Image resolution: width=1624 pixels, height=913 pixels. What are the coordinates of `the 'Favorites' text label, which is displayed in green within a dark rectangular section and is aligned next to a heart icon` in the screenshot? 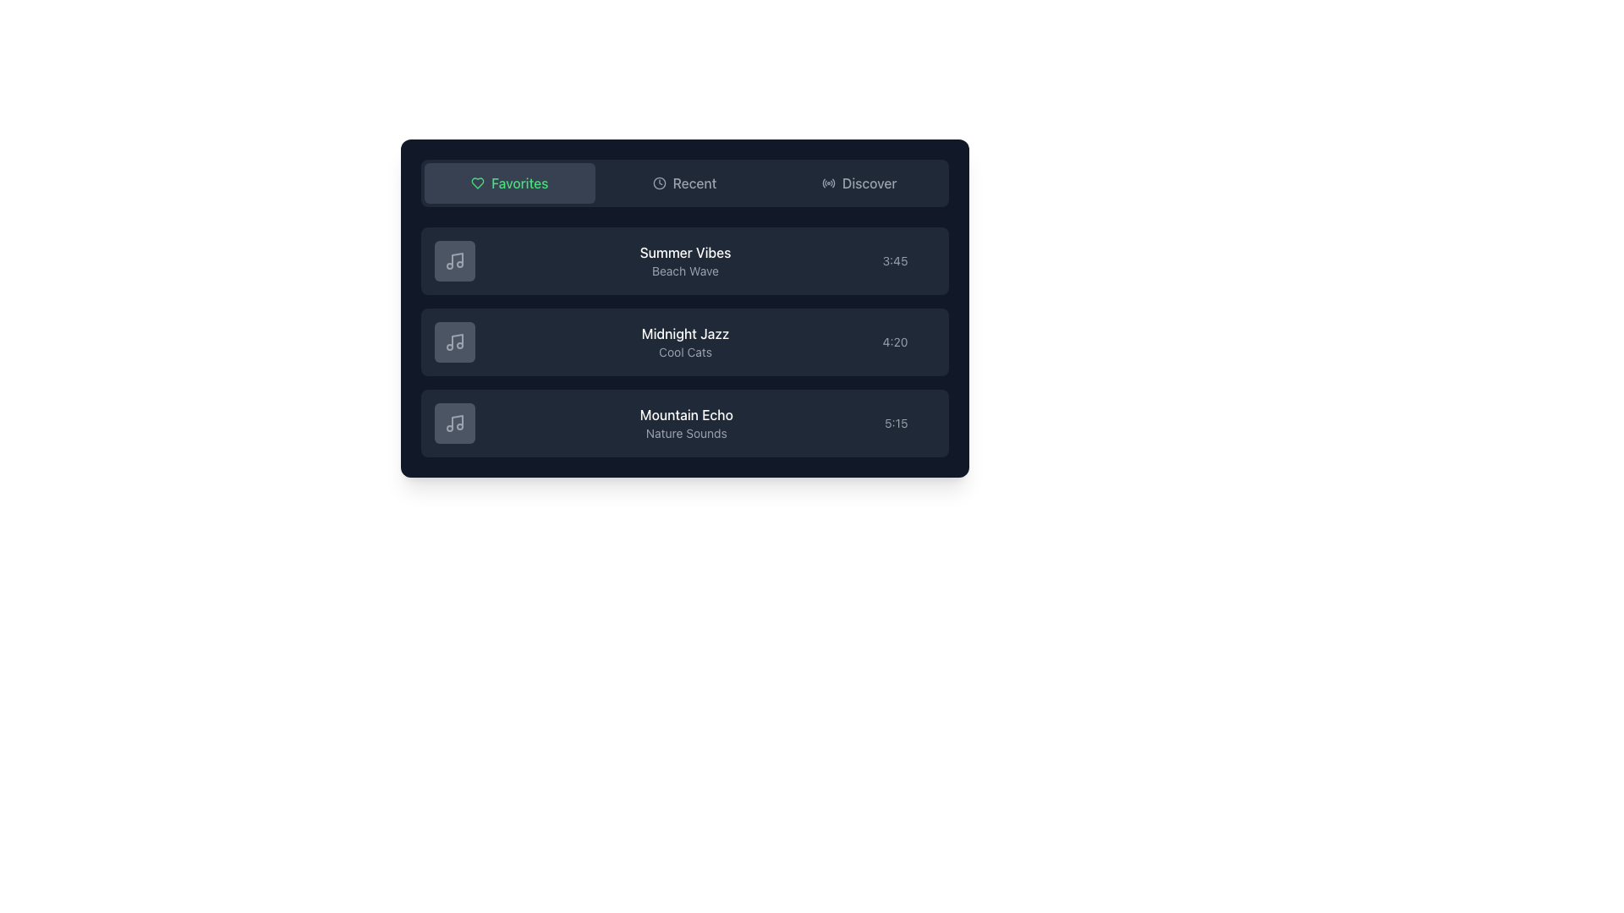 It's located at (518, 183).